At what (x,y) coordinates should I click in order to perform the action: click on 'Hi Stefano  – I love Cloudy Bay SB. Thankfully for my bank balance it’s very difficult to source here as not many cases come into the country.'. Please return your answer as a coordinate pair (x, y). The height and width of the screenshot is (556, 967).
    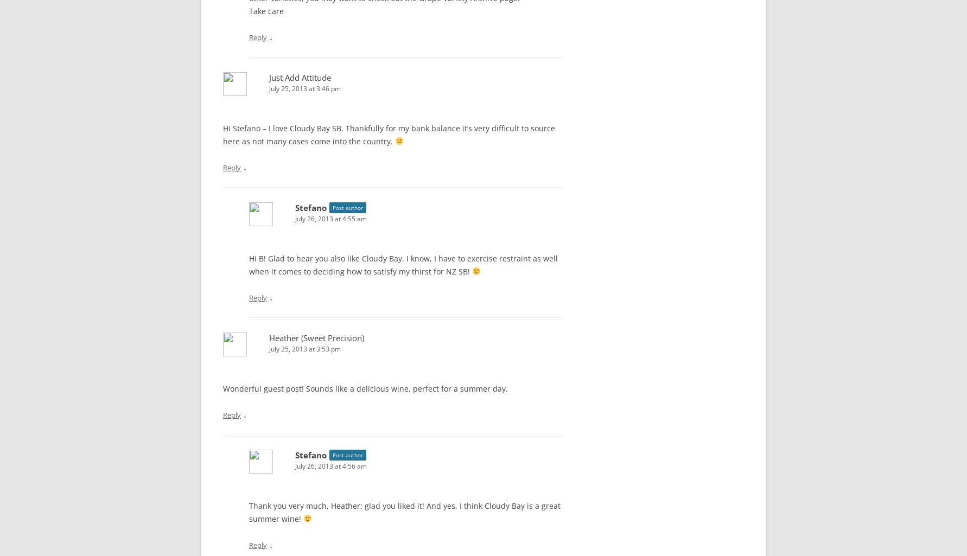
    Looking at the image, I should click on (389, 133).